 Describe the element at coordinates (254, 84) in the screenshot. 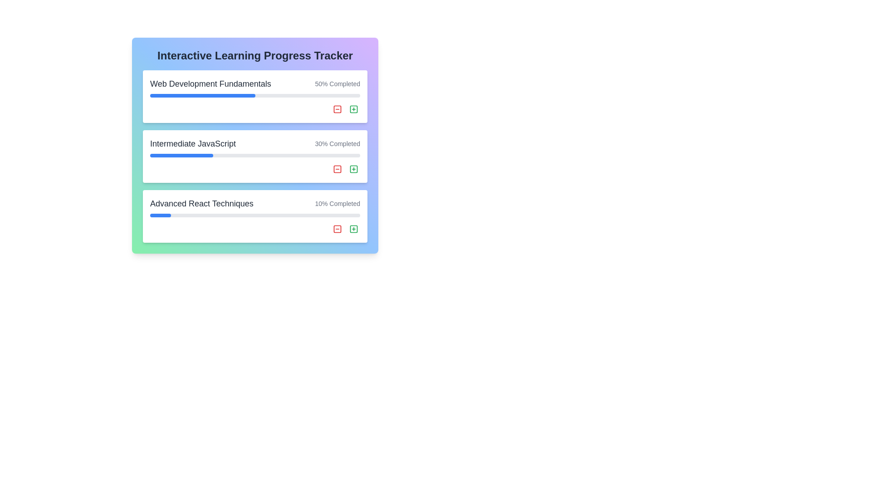

I see `the 'Web Development Fundamentals' text display with progress indicator` at that location.